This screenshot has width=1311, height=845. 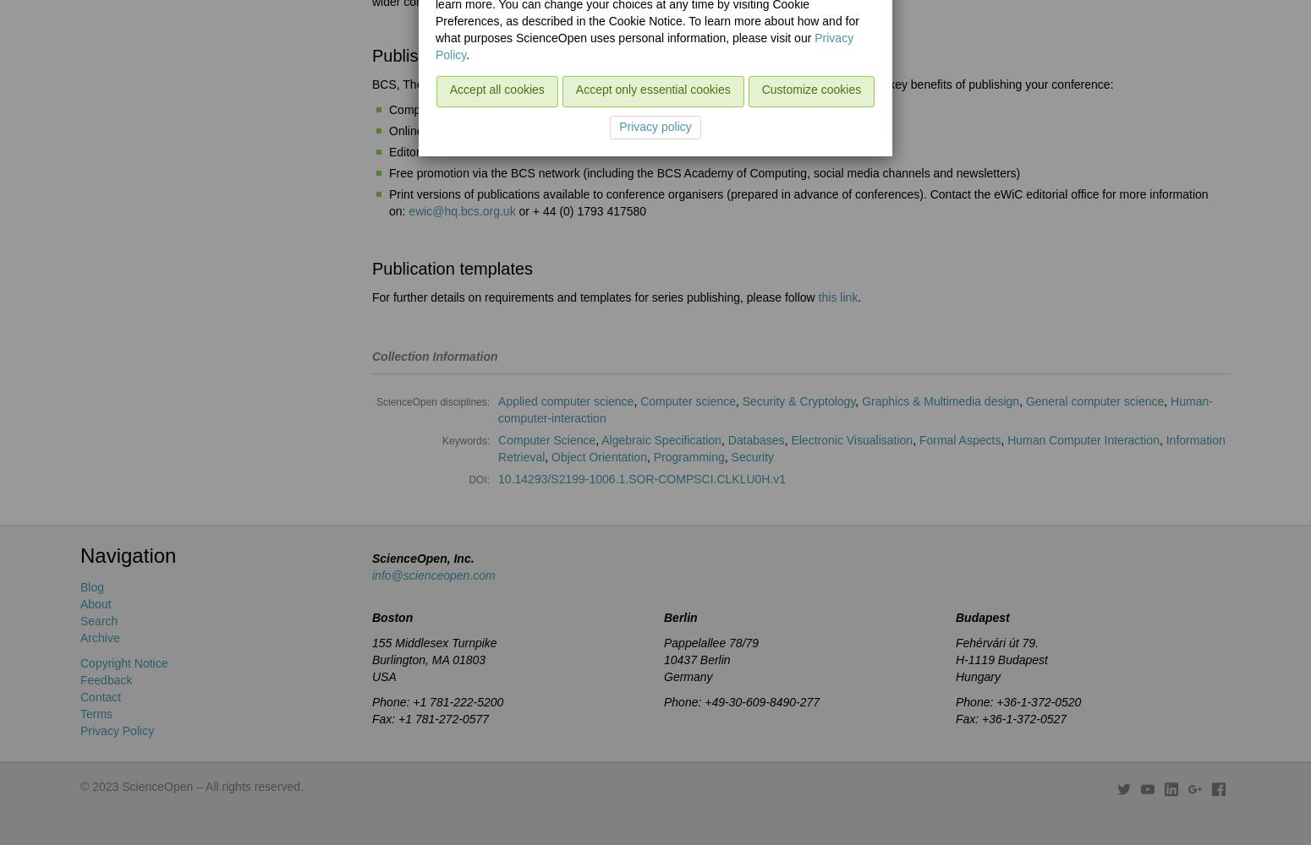 What do you see at coordinates (687, 401) in the screenshot?
I see `'Computer science'` at bounding box center [687, 401].